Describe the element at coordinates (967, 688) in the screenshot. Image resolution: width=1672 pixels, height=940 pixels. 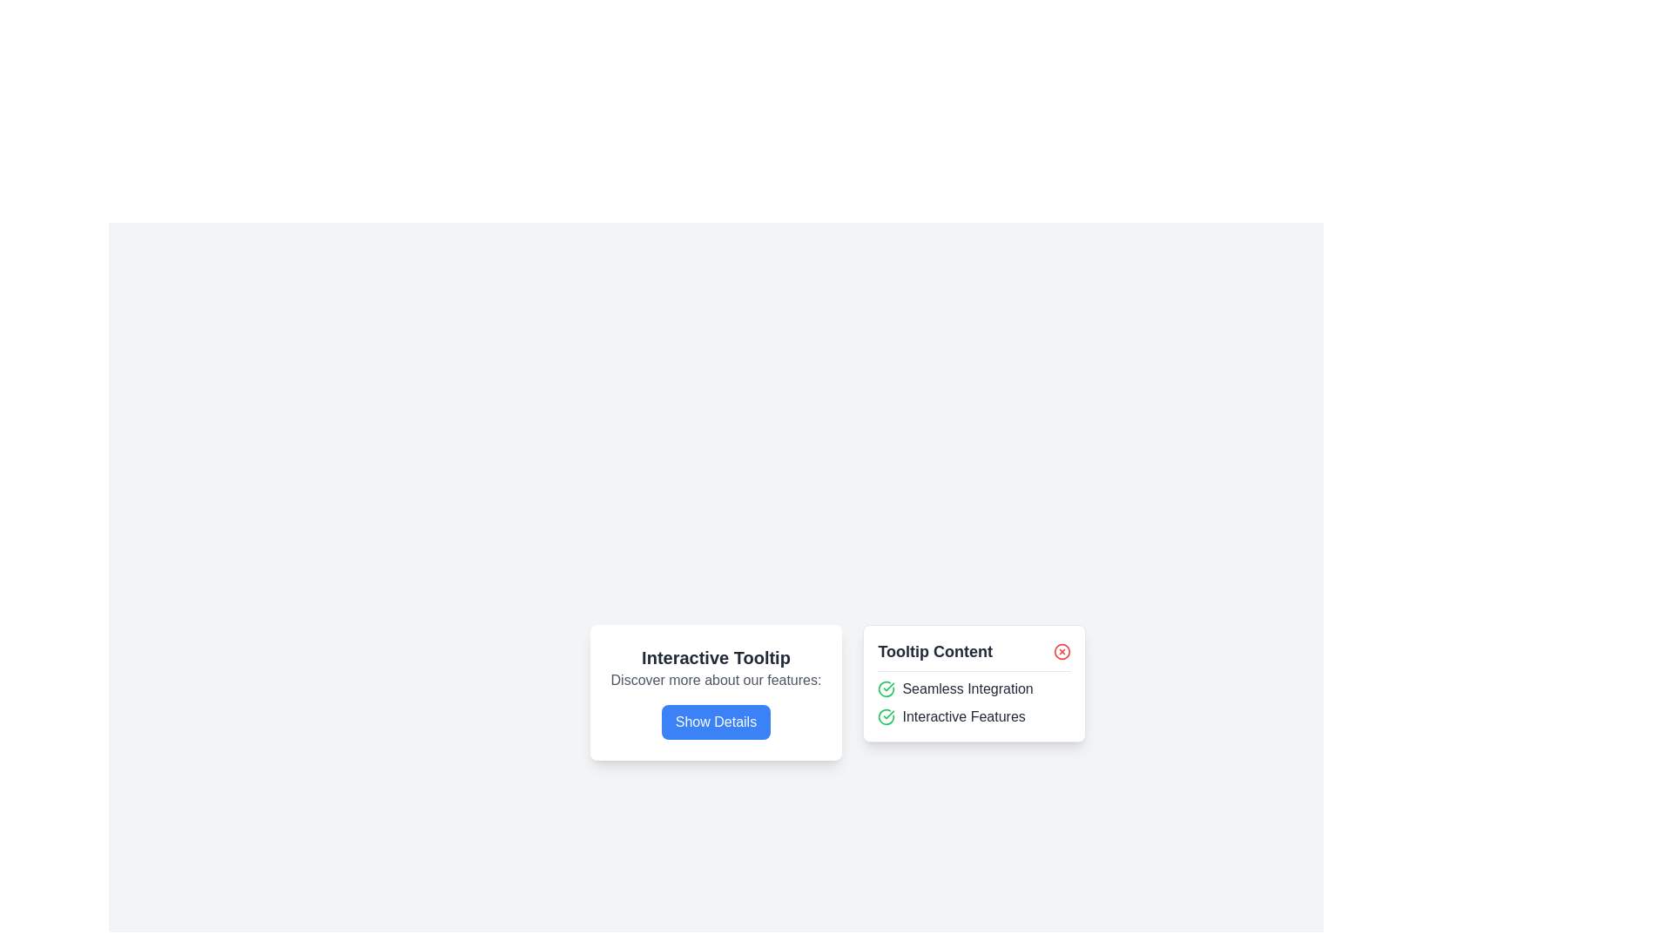
I see `the text label 'Seamless Integration' located in the 'Tooltip Content' section, positioned to the right of a green checkmark icon` at that location.